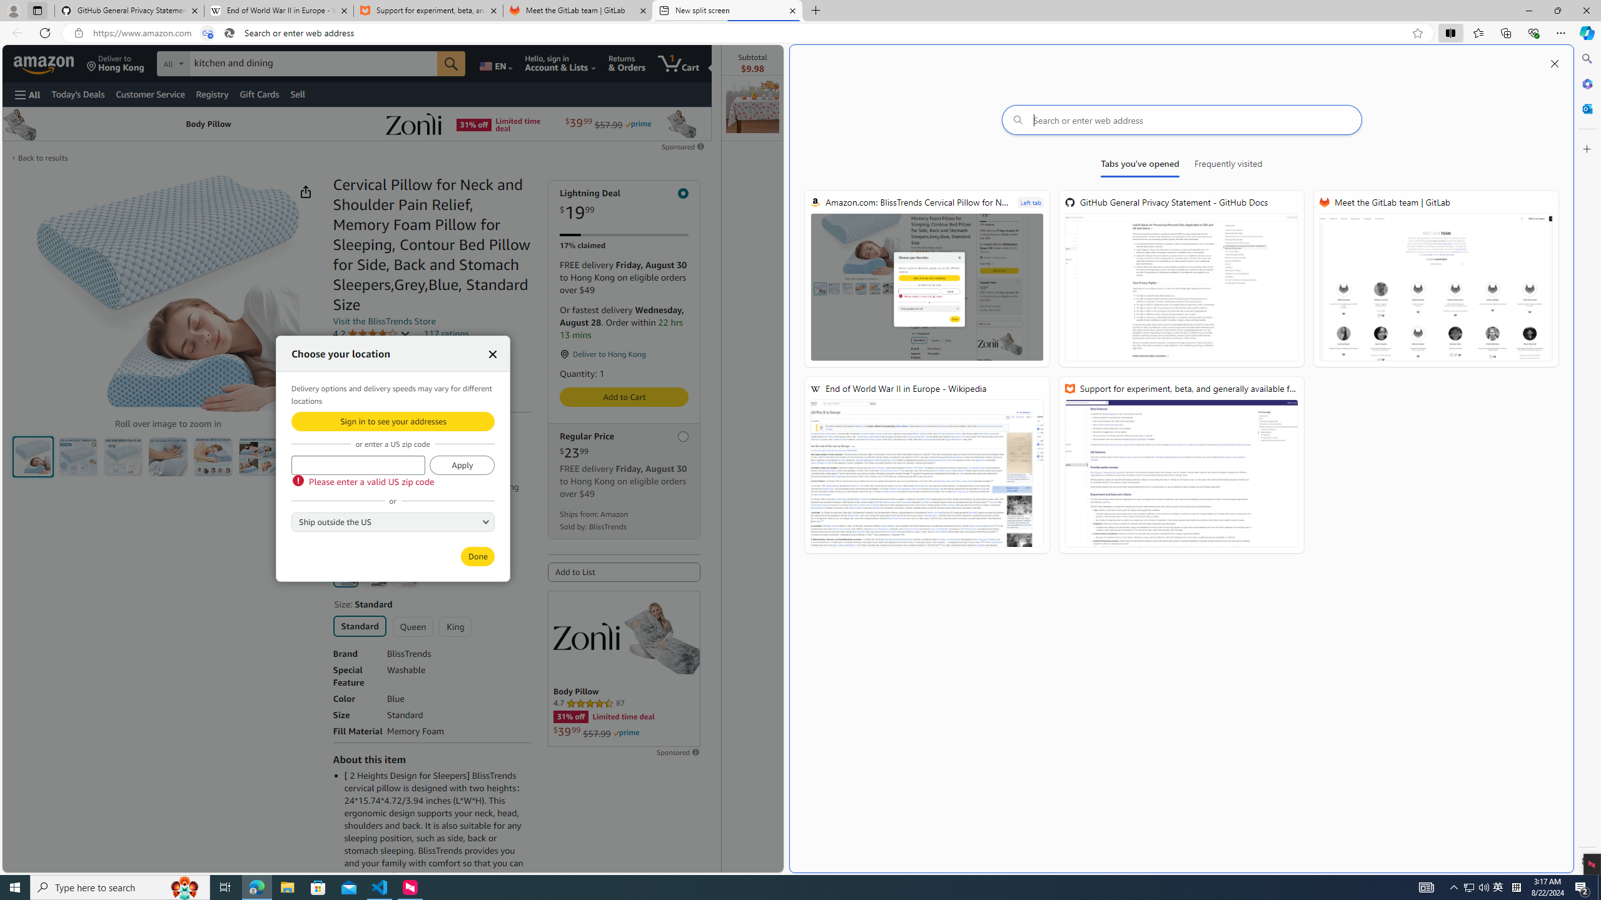 This screenshot has width=1601, height=900. What do you see at coordinates (412, 626) in the screenshot?
I see `'Queen'` at bounding box center [412, 626].